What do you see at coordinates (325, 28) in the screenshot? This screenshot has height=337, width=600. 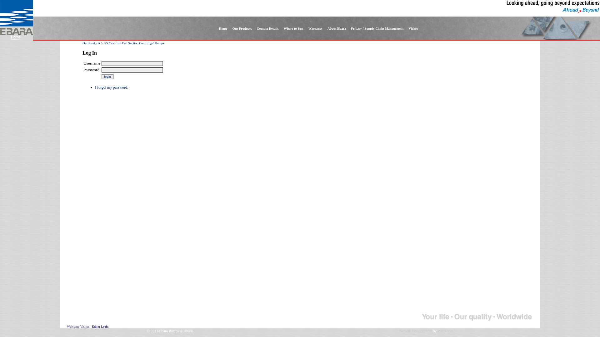 I see `'About Ebara'` at bounding box center [325, 28].